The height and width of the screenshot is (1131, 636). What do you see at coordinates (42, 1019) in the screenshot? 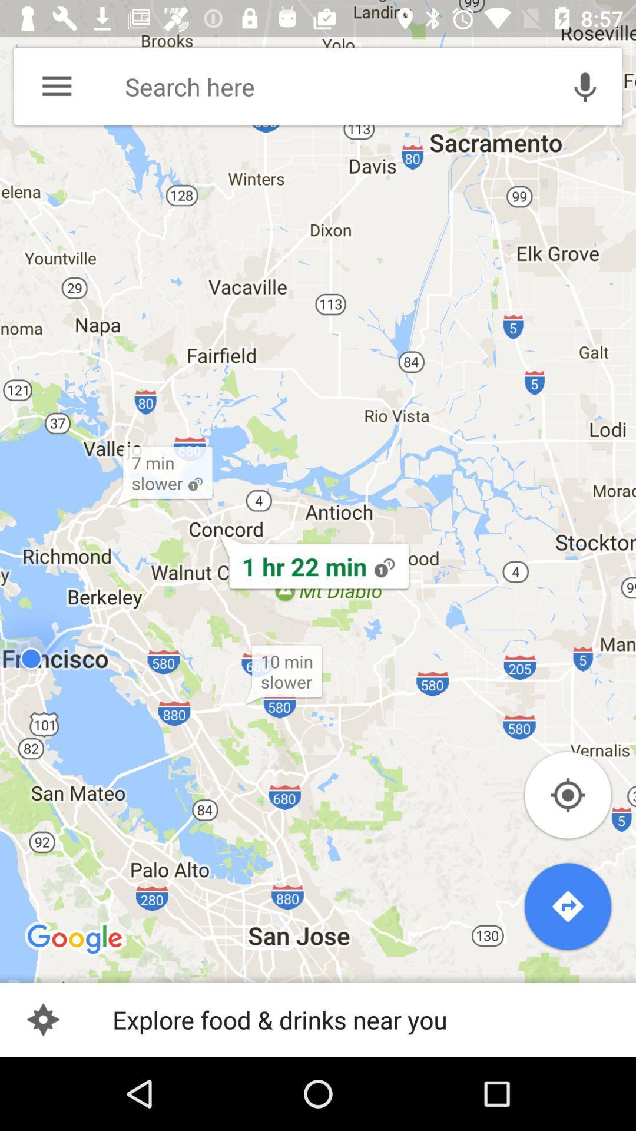
I see `the icon before the text explore food  drinks near you` at bounding box center [42, 1019].